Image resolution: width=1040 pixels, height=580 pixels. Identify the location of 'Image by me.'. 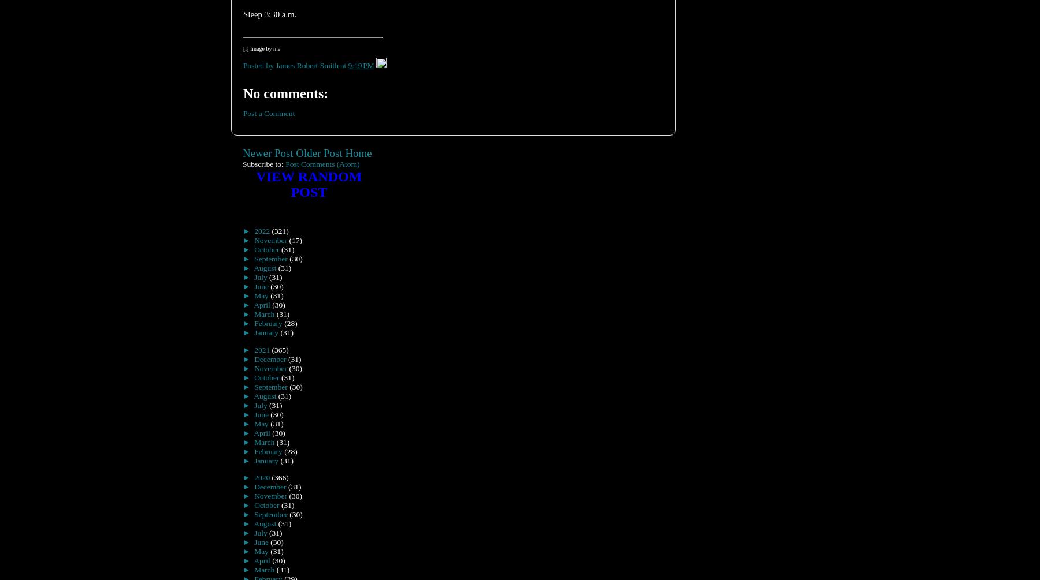
(248, 48).